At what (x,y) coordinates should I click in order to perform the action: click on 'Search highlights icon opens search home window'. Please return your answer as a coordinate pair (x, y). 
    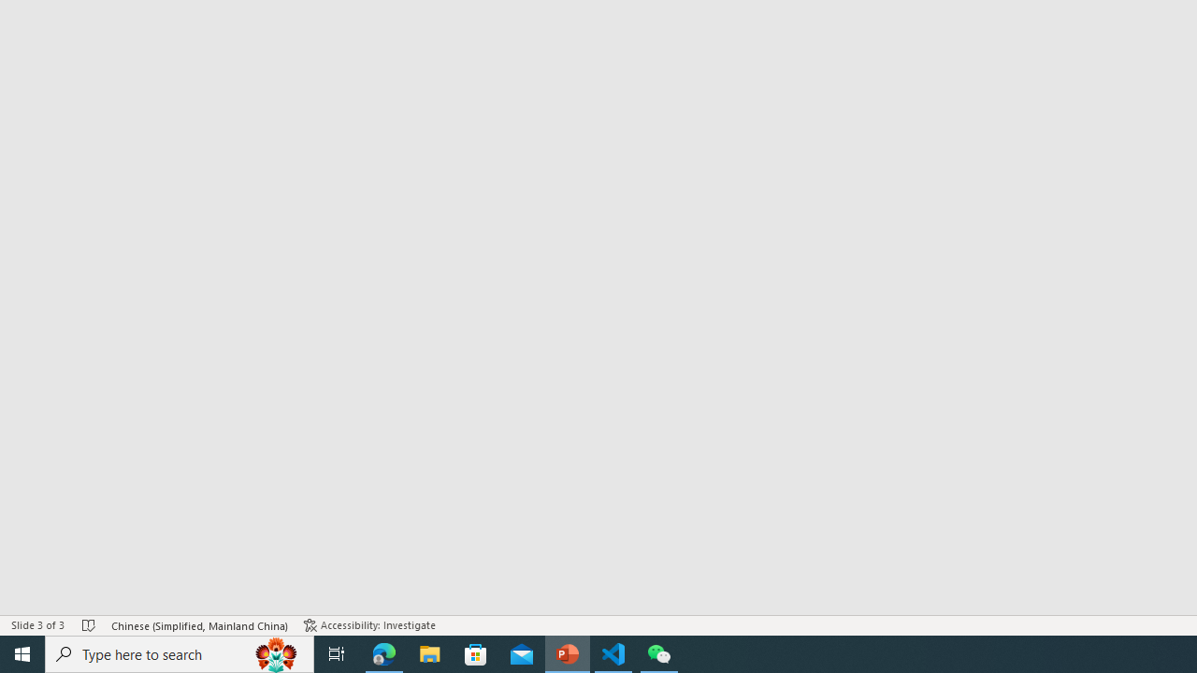
    Looking at the image, I should click on (275, 652).